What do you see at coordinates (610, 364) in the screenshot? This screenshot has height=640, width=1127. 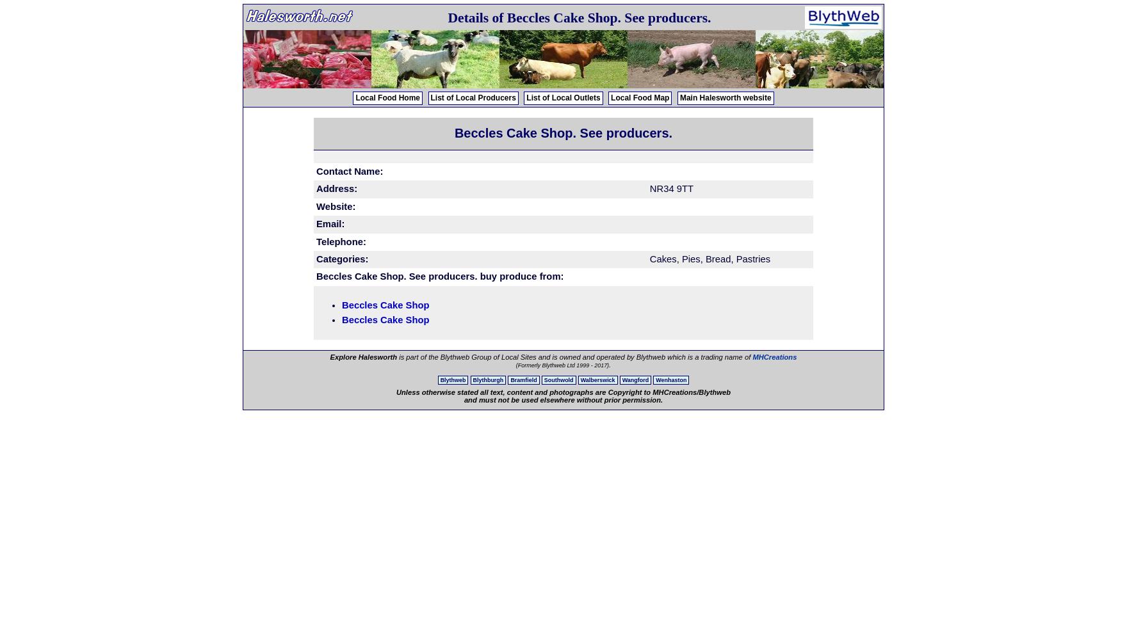 I see `'.'` at bounding box center [610, 364].